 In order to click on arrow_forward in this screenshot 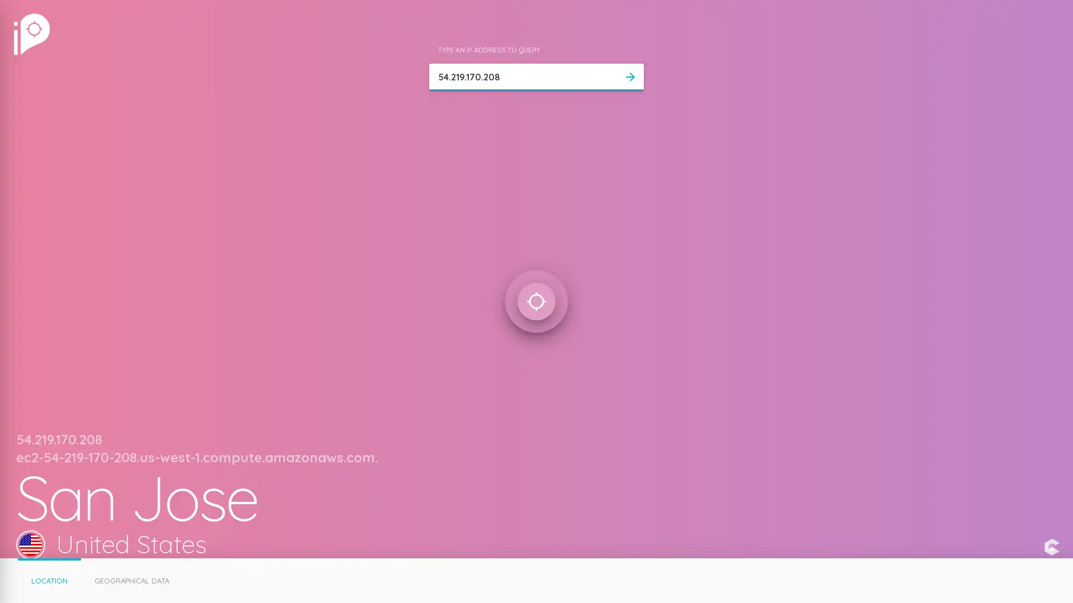, I will do `click(630, 76)`.